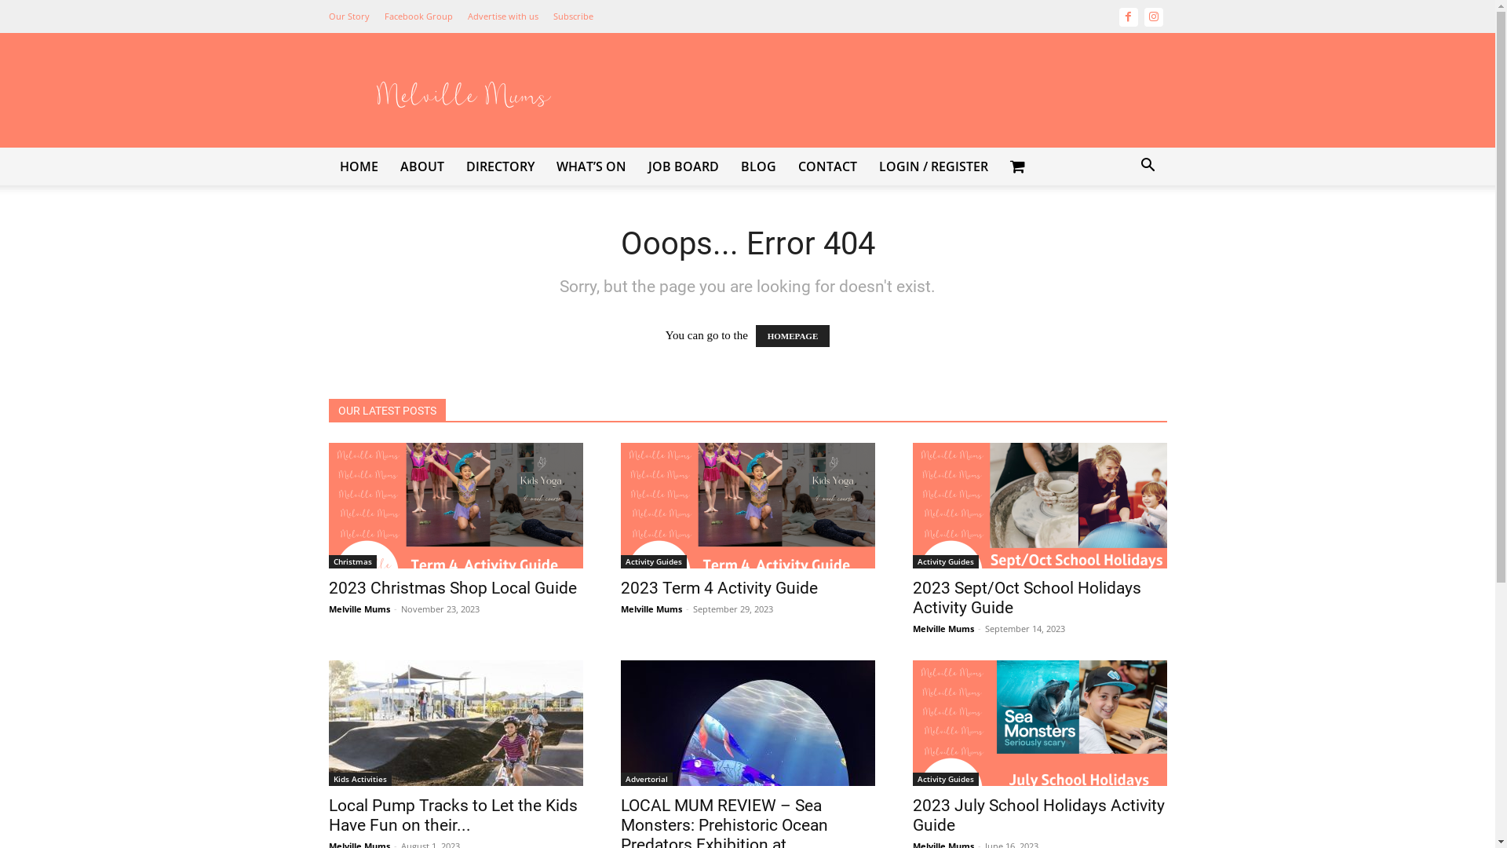 Image resolution: width=1507 pixels, height=848 pixels. Describe the element at coordinates (503, 16) in the screenshot. I see `'Advertise with us'` at that location.